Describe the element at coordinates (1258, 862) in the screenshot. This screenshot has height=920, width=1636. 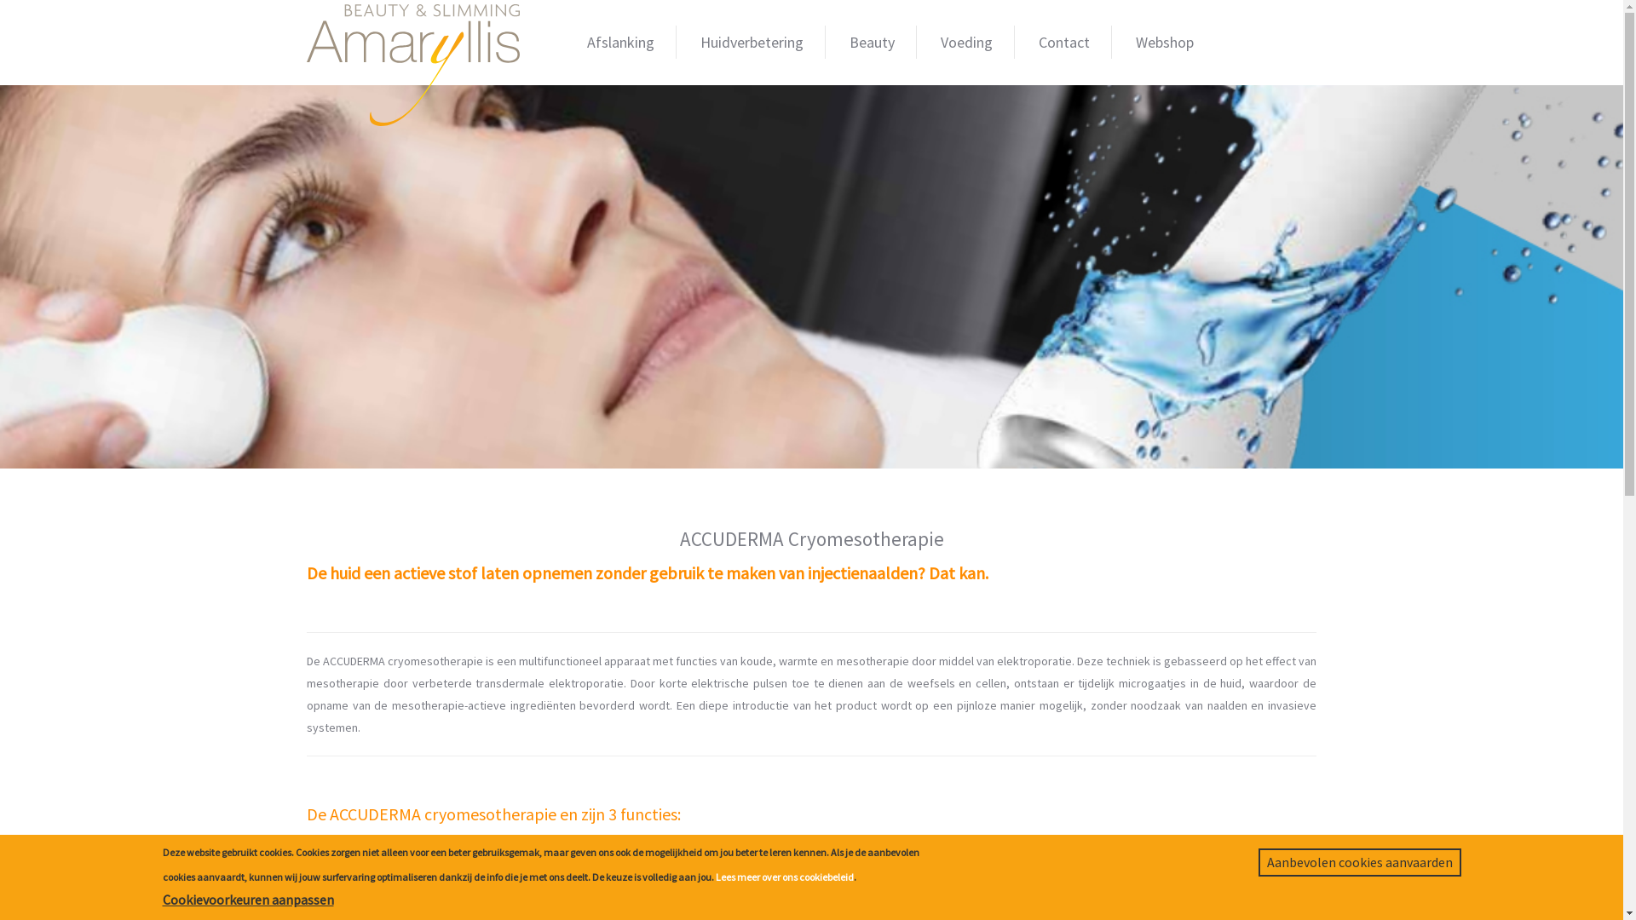
I see `'Aanbevolen cookies aanvaarden'` at that location.